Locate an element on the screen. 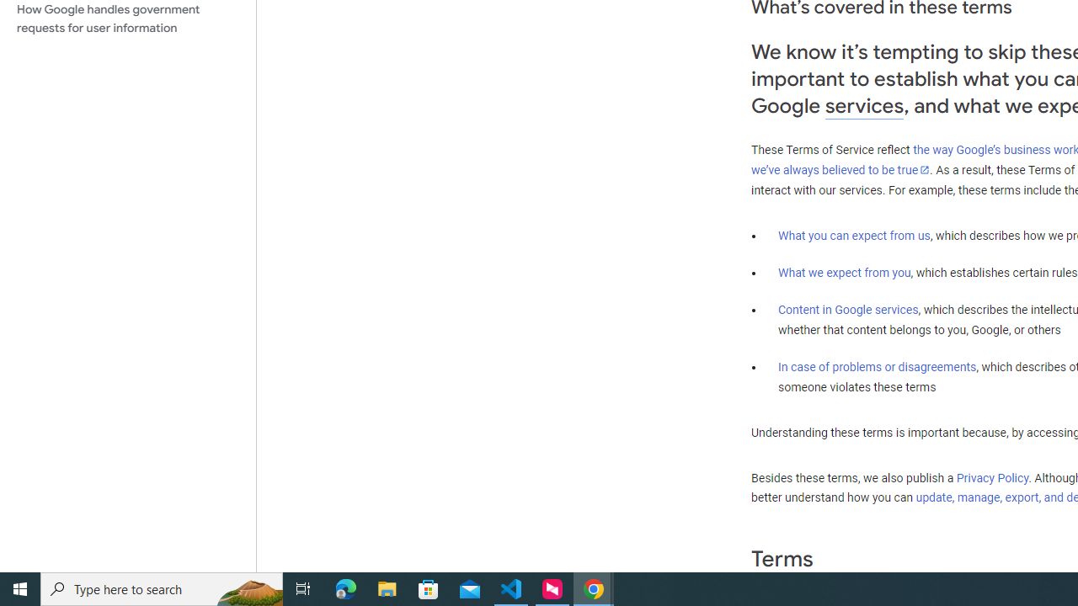 The height and width of the screenshot is (606, 1078). 'In case of problems or disagreements' is located at coordinates (876, 365).